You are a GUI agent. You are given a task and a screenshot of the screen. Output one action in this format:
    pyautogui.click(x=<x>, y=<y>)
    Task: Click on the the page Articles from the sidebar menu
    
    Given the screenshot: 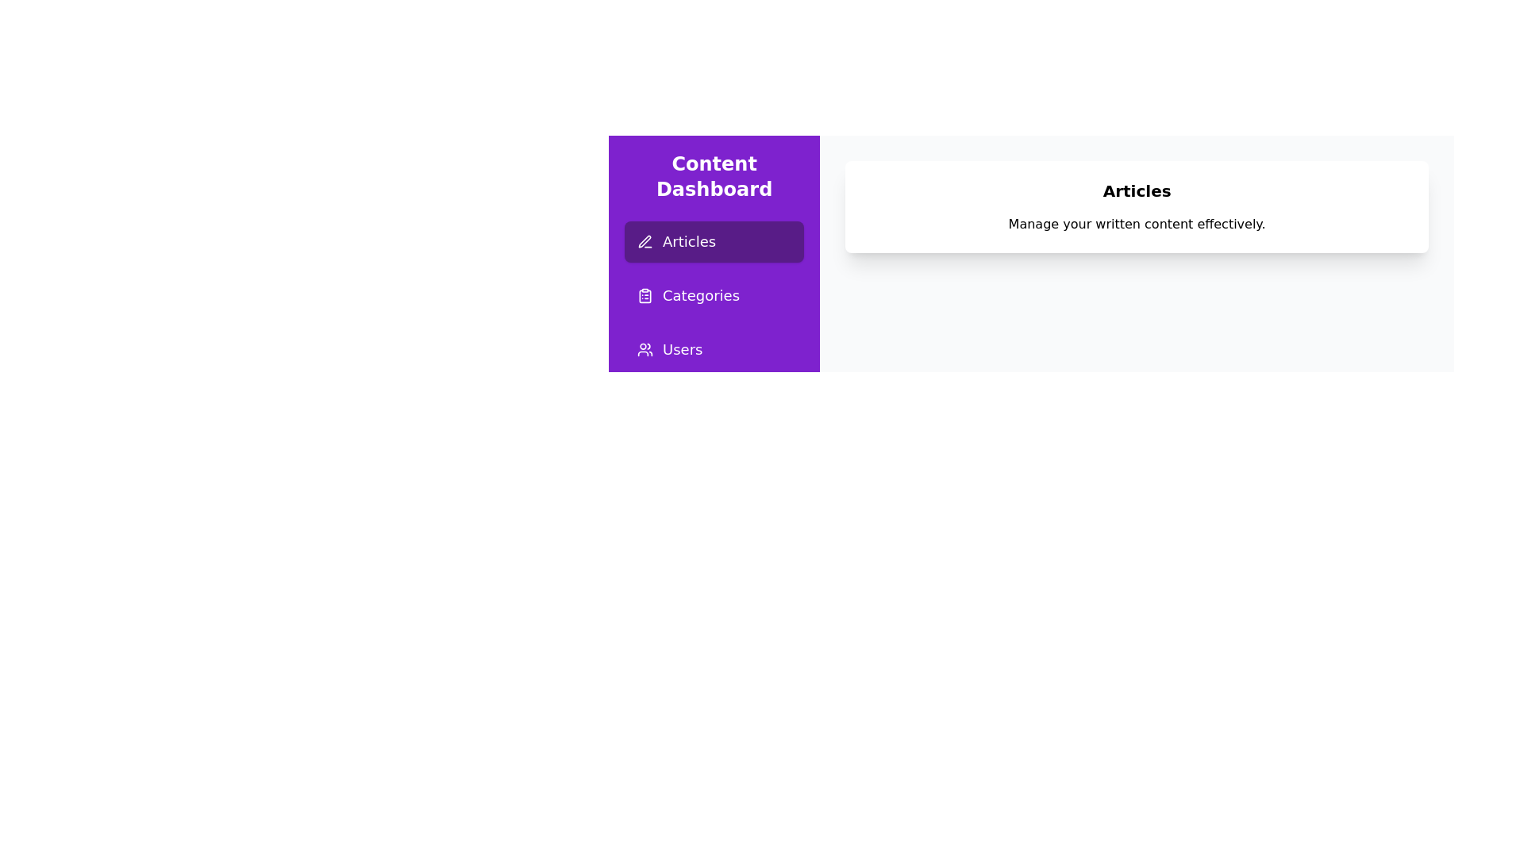 What is the action you would take?
    pyautogui.click(x=714, y=241)
    